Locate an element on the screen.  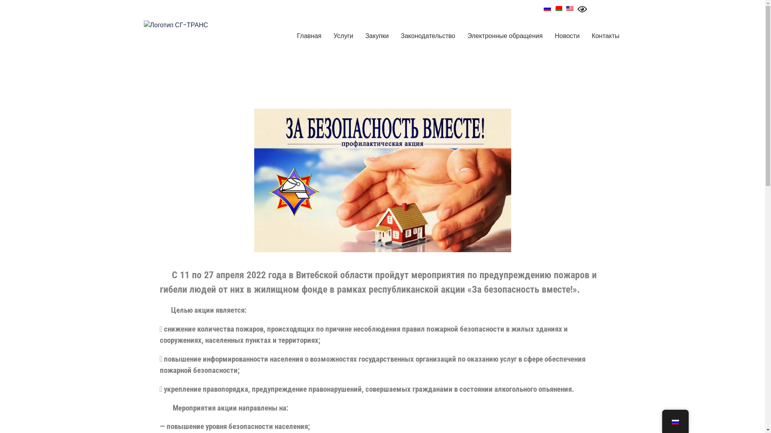
'English' is located at coordinates (569, 8).